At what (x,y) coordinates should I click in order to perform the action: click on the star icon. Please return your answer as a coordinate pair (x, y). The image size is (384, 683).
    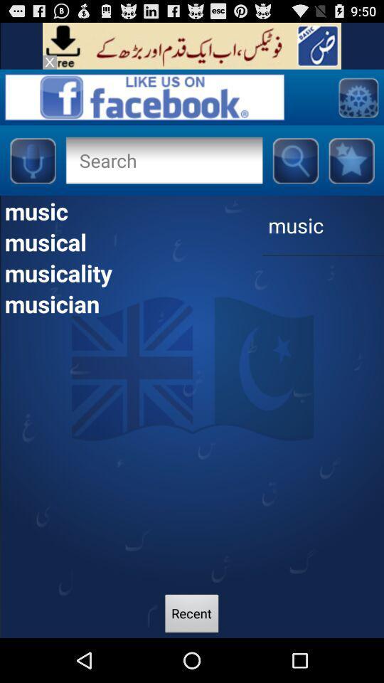
    Looking at the image, I should click on (351, 171).